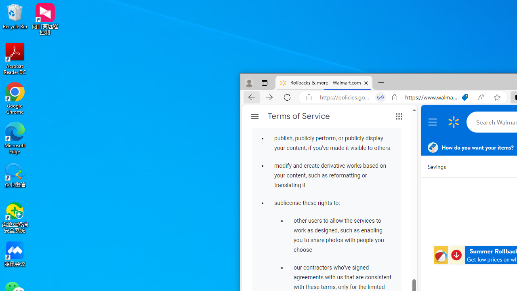 Image resolution: width=517 pixels, height=291 pixels. I want to click on 'Tabs in split screen', so click(380, 97).